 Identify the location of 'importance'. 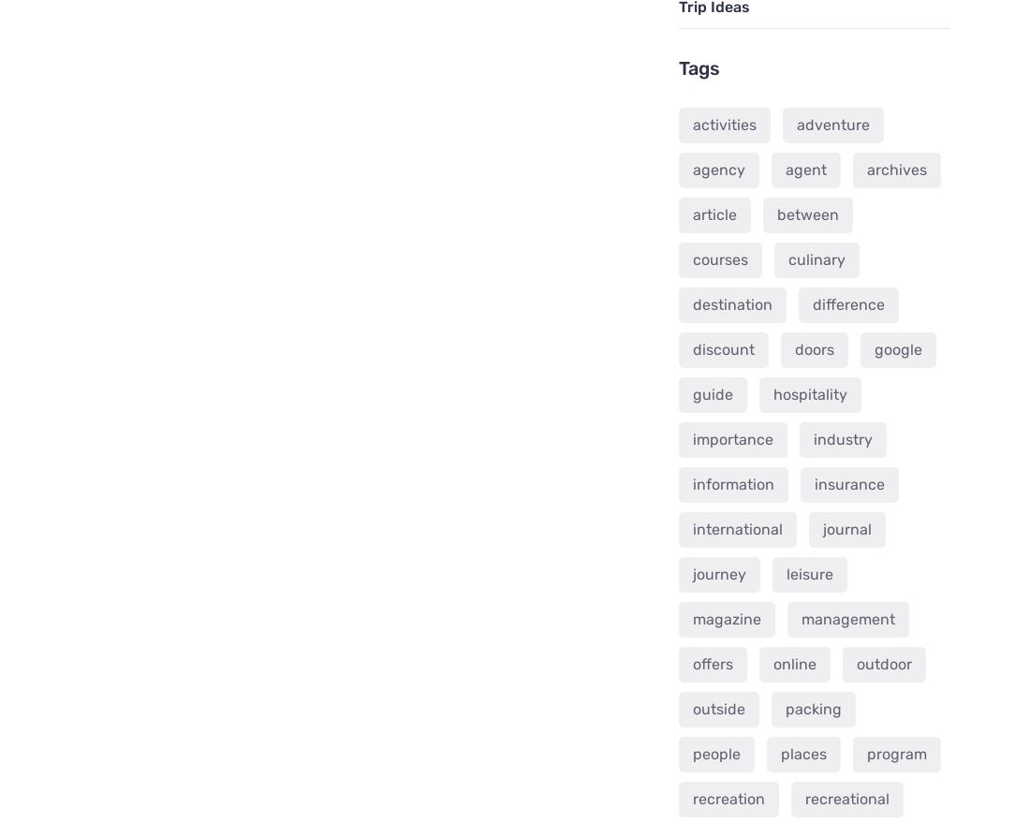
(731, 438).